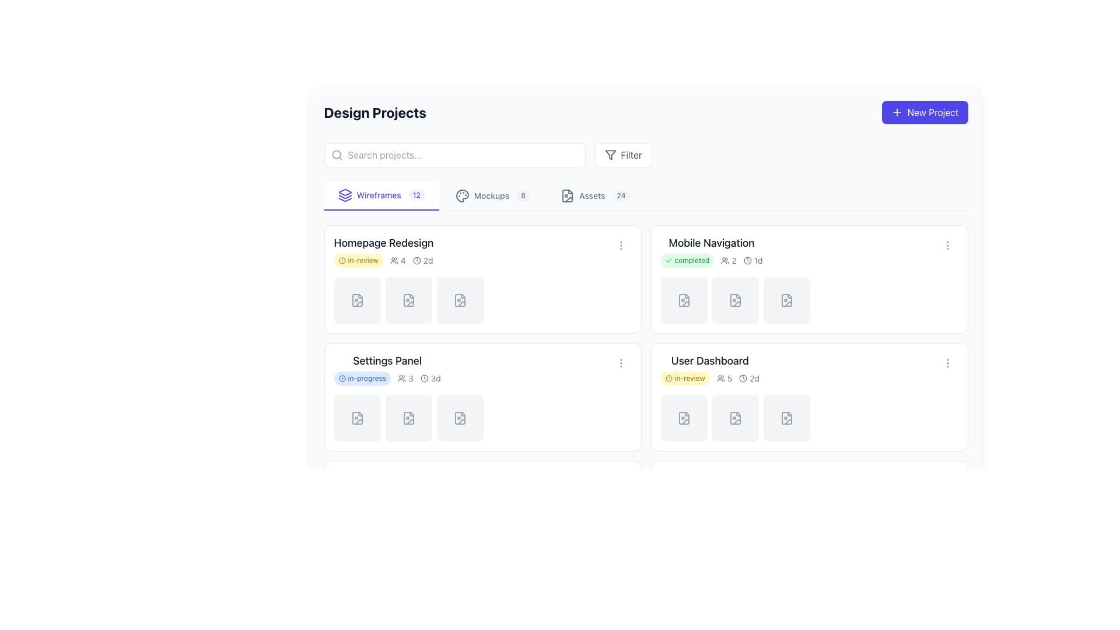  I want to click on the informational label element that consists of a clock icon and the text '1d', located in the 'Mobile Navigation' section, aligned to the right of the user count, so click(753, 260).